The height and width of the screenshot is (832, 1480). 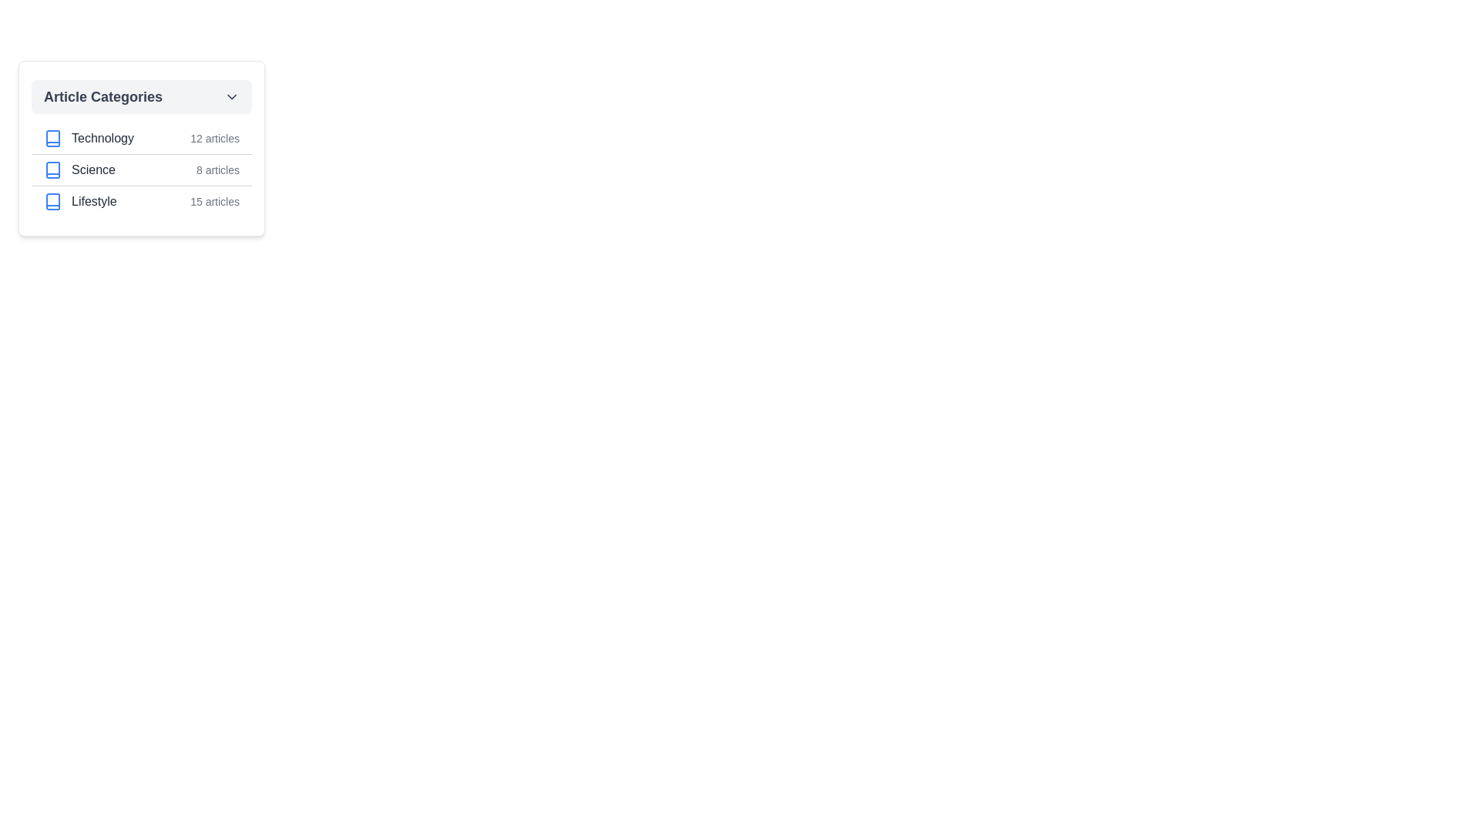 What do you see at coordinates (52, 169) in the screenshot?
I see `the blue book icon located next to the 'Science' label in the article categories panel to interpret its association` at bounding box center [52, 169].